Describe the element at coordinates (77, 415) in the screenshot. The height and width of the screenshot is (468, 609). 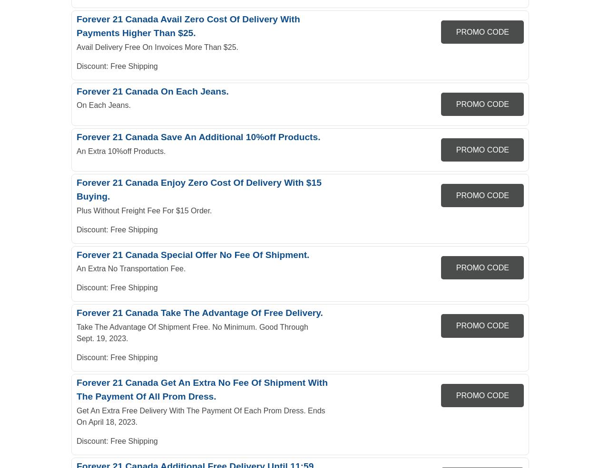
I see `'Get An Extra Free Delivery With The Payment Of Each Prom Dress. Ends On April 18, 2023.'` at that location.